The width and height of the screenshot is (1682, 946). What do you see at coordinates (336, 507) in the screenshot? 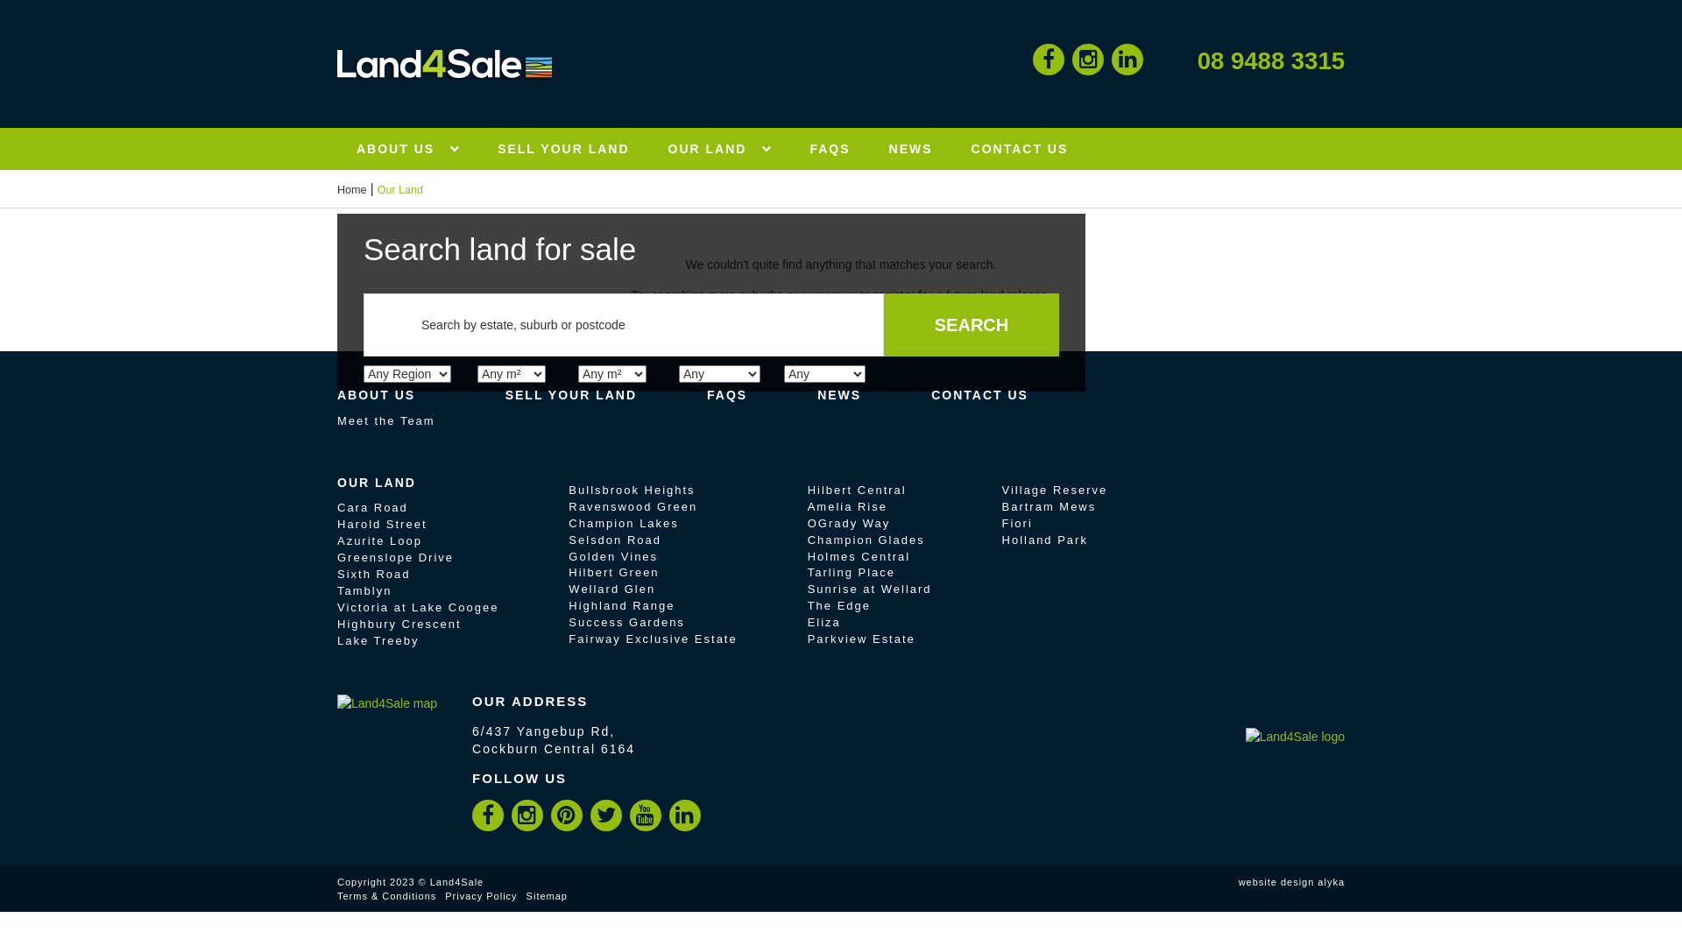
I see `'Cara Road'` at bounding box center [336, 507].